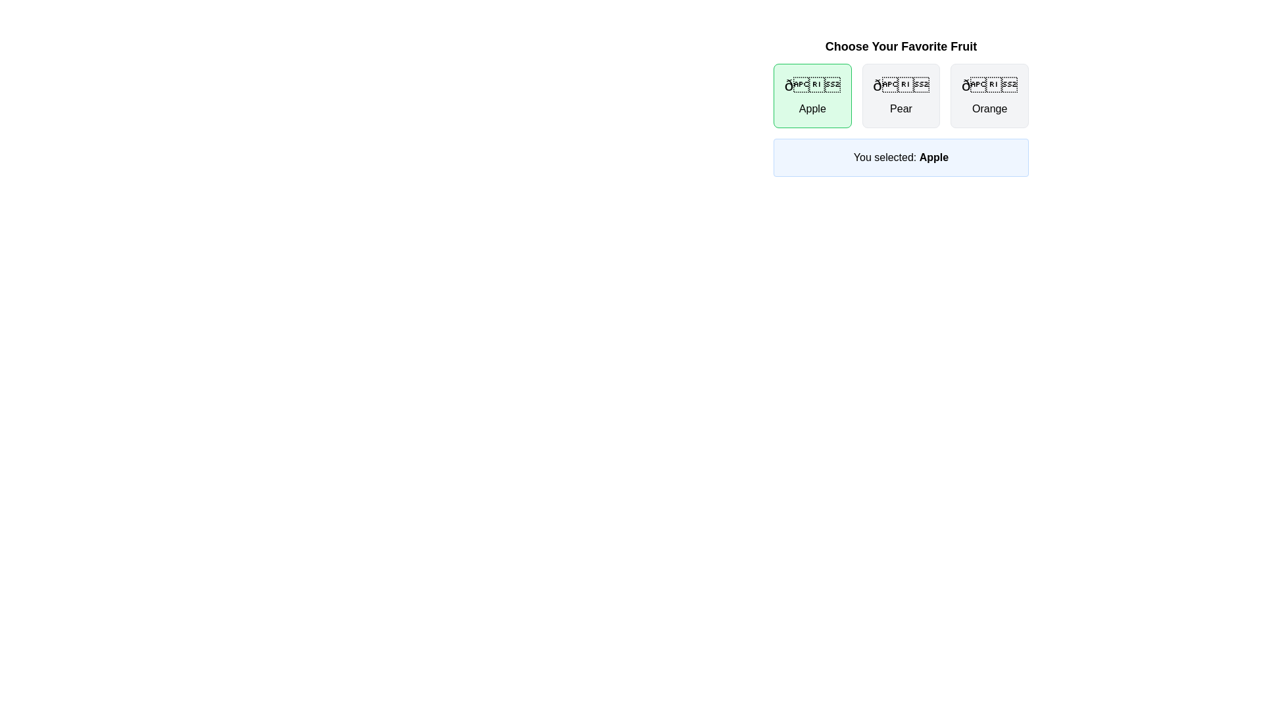 The width and height of the screenshot is (1263, 710). Describe the element at coordinates (900, 106) in the screenshot. I see `the button in the interactive fruit selection panel` at that location.